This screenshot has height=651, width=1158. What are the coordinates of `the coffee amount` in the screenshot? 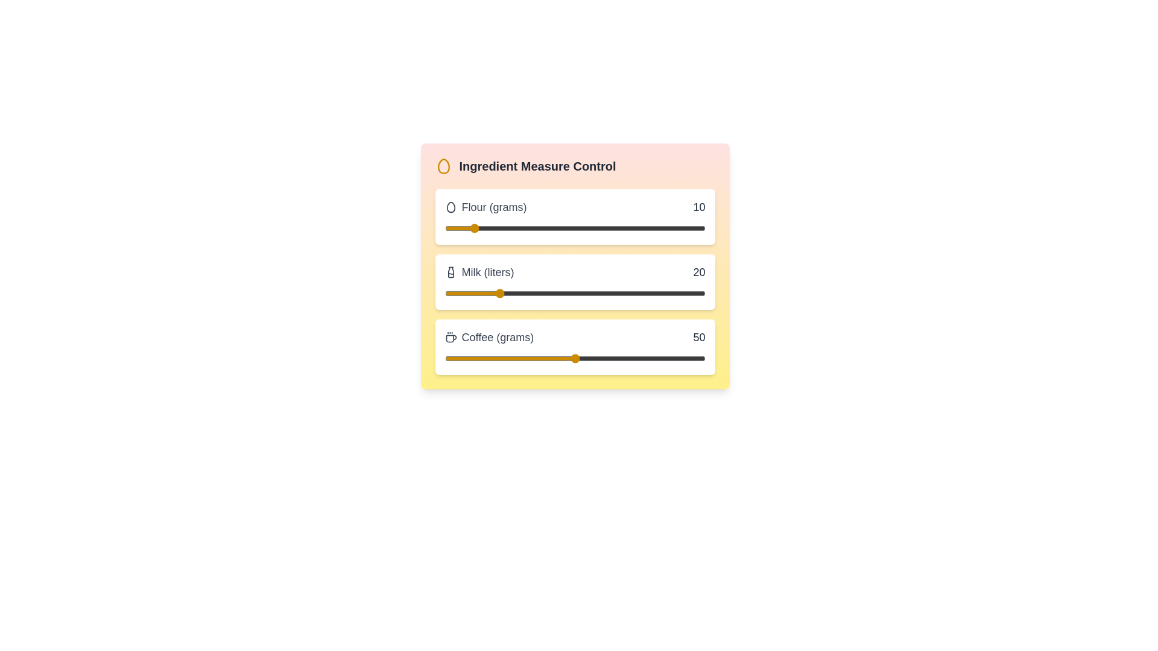 It's located at (634, 357).